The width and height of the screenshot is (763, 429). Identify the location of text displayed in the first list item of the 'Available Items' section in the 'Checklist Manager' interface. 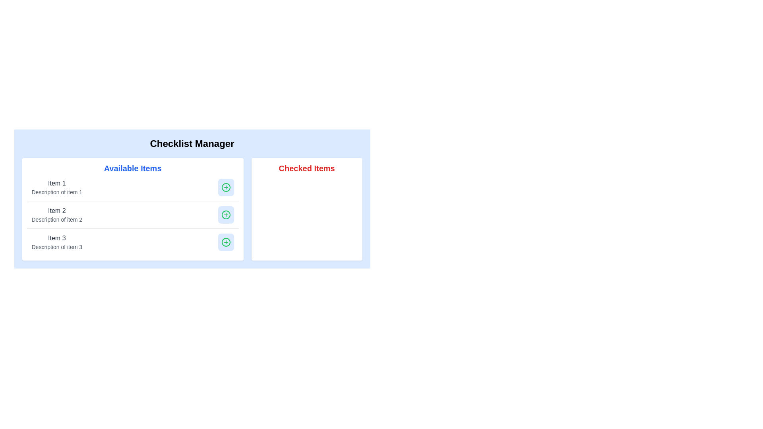
(56, 187).